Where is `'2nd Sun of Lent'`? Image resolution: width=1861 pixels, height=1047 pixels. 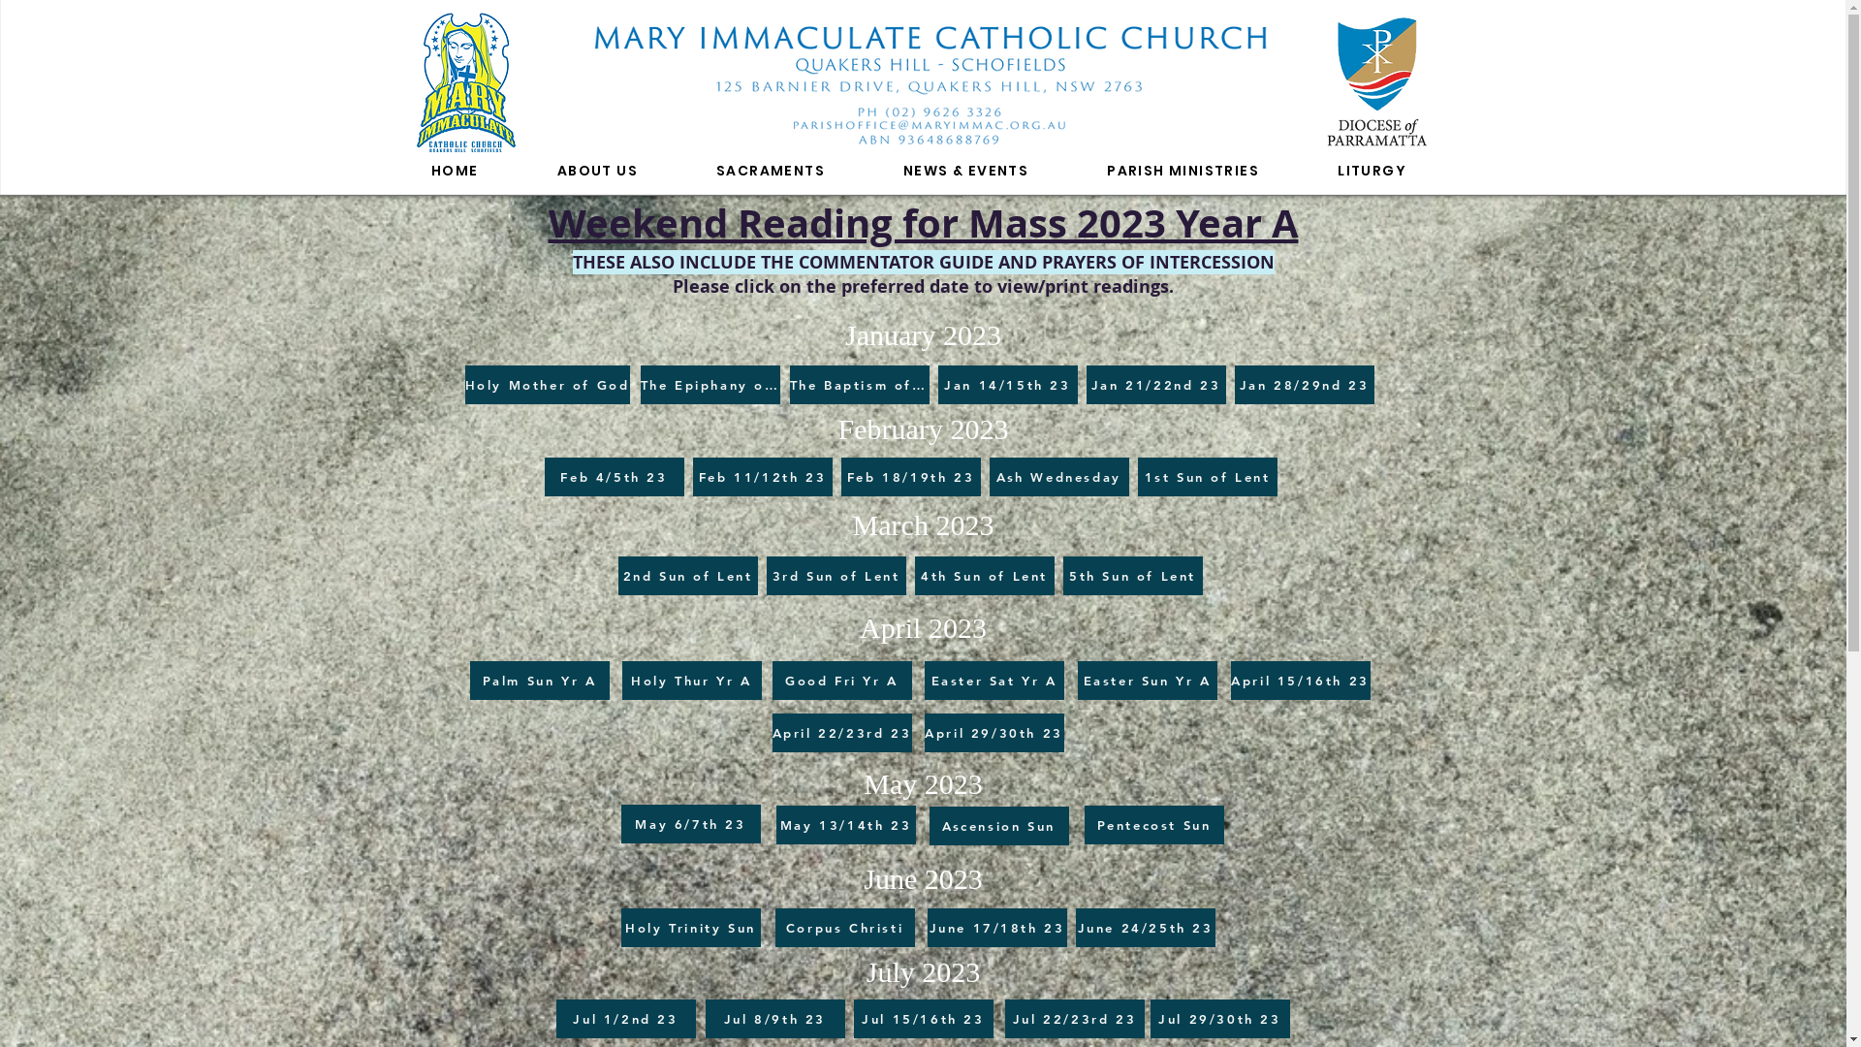
'2nd Sun of Lent' is located at coordinates (688, 575).